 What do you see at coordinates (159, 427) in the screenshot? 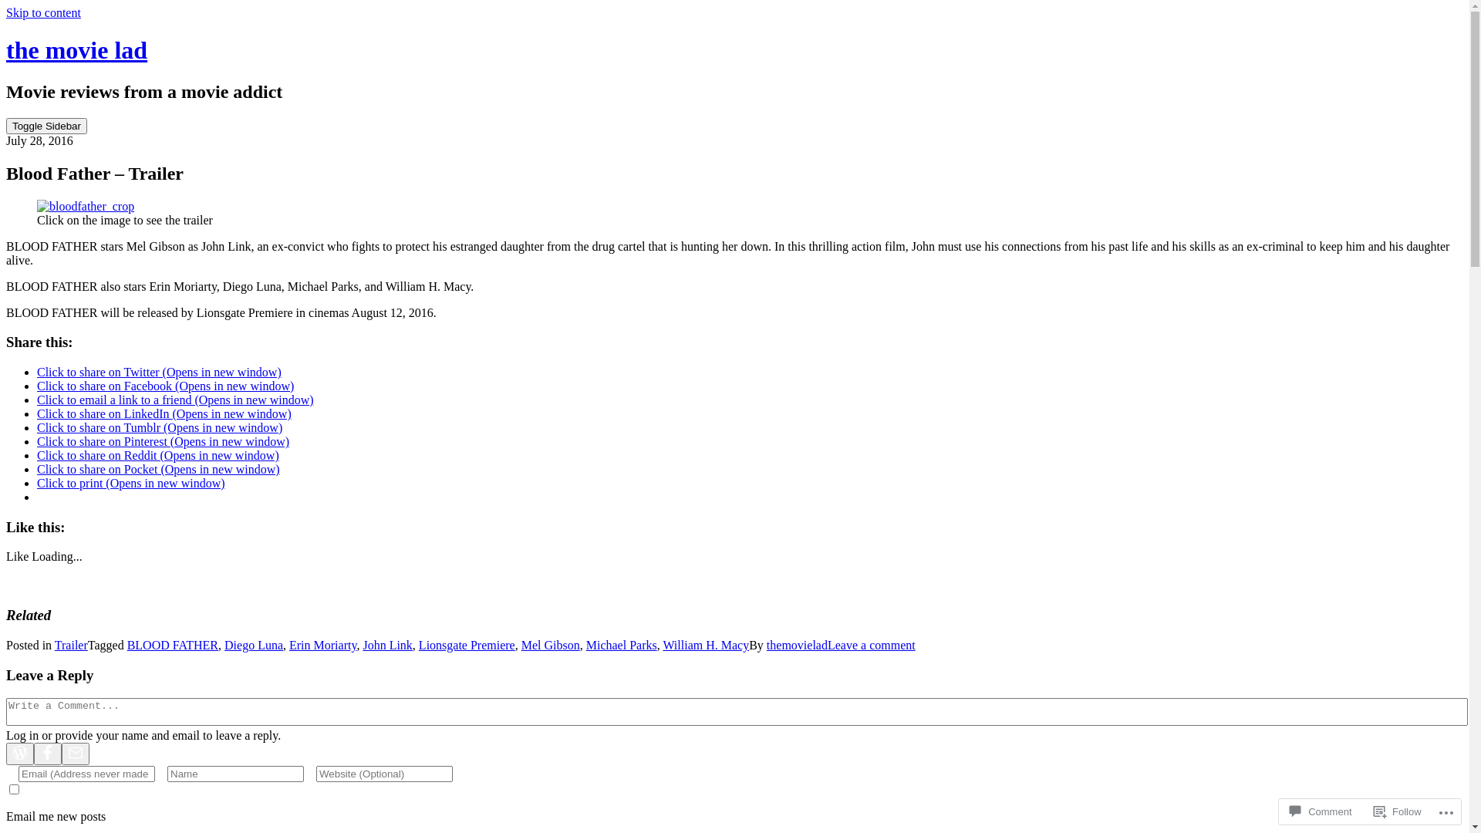
I see `'Click to share on Tumblr (Opens in new window)'` at bounding box center [159, 427].